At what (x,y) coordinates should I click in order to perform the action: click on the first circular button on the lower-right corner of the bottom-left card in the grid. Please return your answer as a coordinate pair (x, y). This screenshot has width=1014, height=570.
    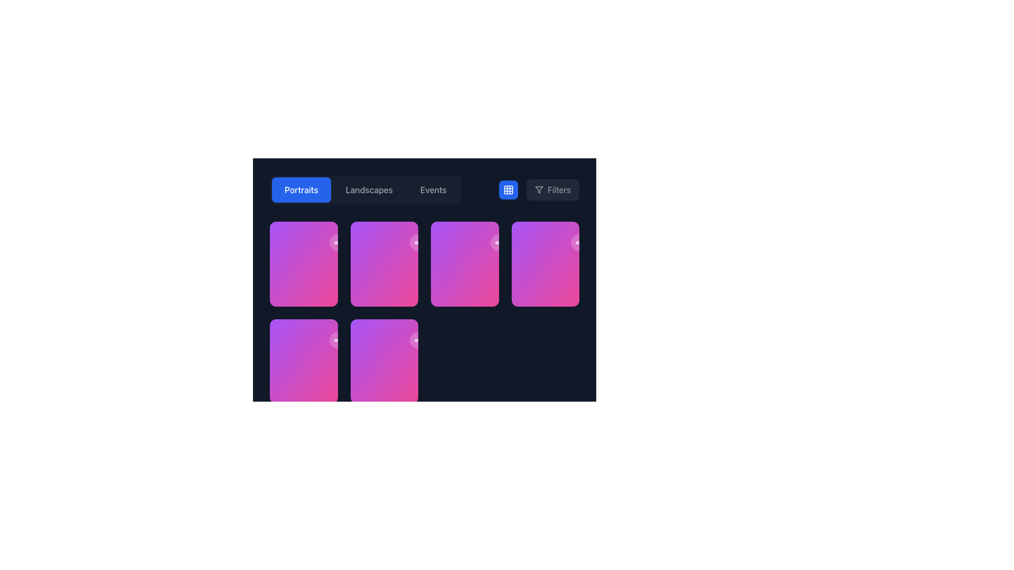
    Looking at the image, I should click on (337, 340).